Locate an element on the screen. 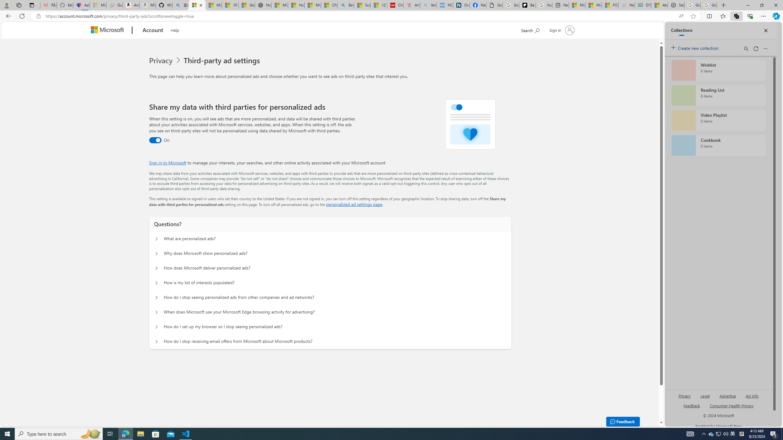 The height and width of the screenshot is (440, 783). 'Sign in to your account' is located at coordinates (561, 30).